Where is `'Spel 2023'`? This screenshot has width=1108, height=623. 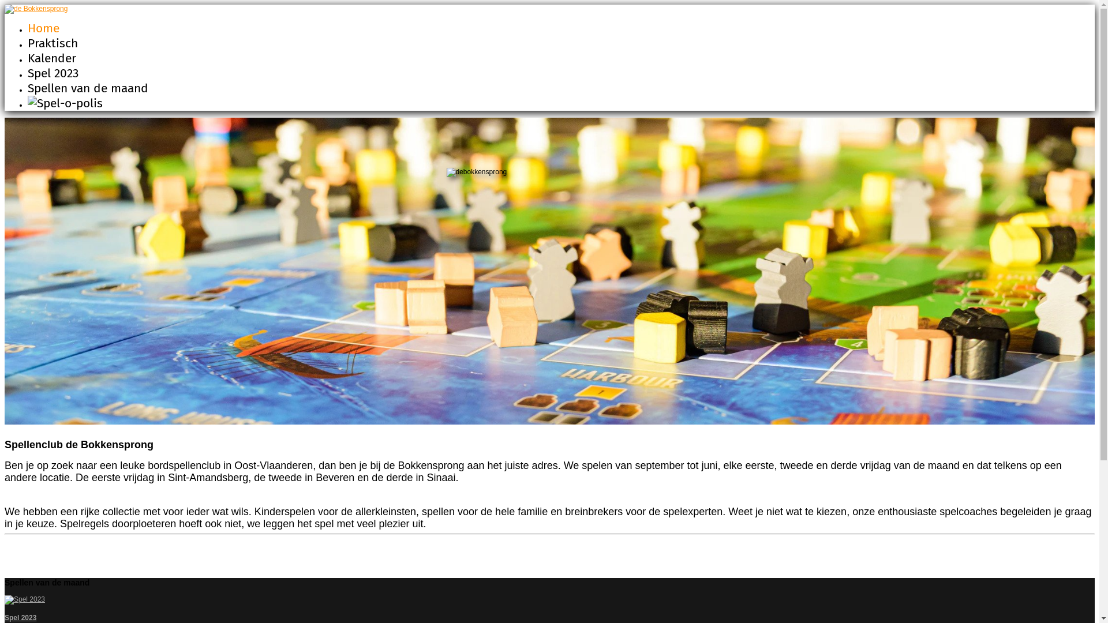
'Spel 2023' is located at coordinates (52, 73).